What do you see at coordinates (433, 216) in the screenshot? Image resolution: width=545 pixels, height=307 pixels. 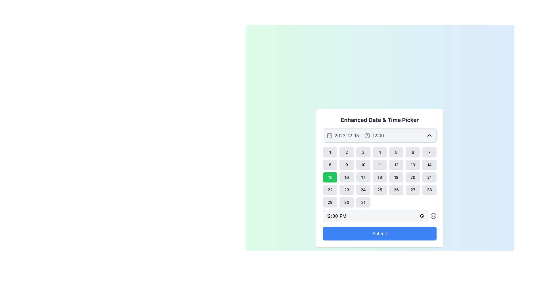 I see `the smiley icon SVG graphic, which features a circular outline with two small dots for eyes and a curved smiling mouth, located to the right of the time input box` at bounding box center [433, 216].